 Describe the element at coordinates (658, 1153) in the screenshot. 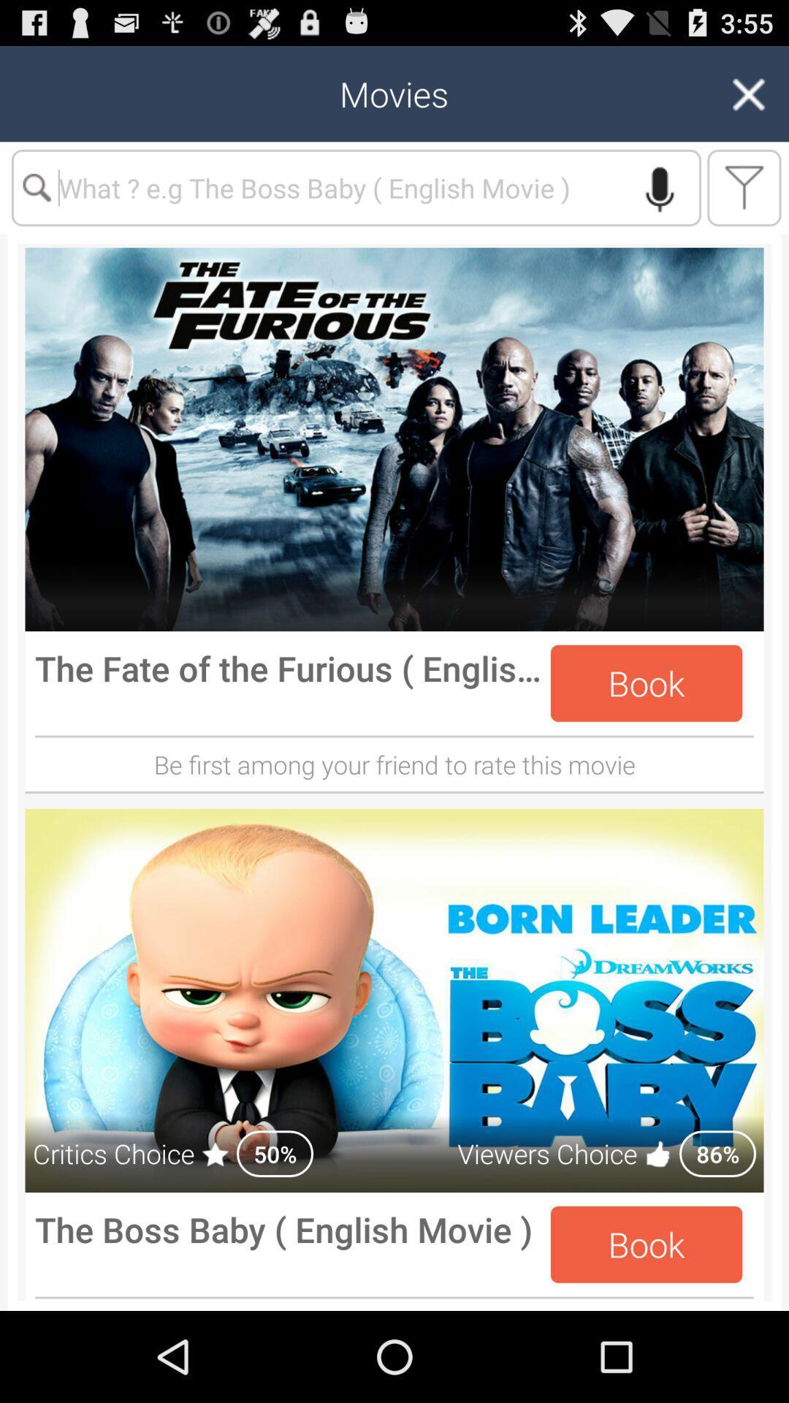

I see `the like emoji beside the viewers choice` at that location.